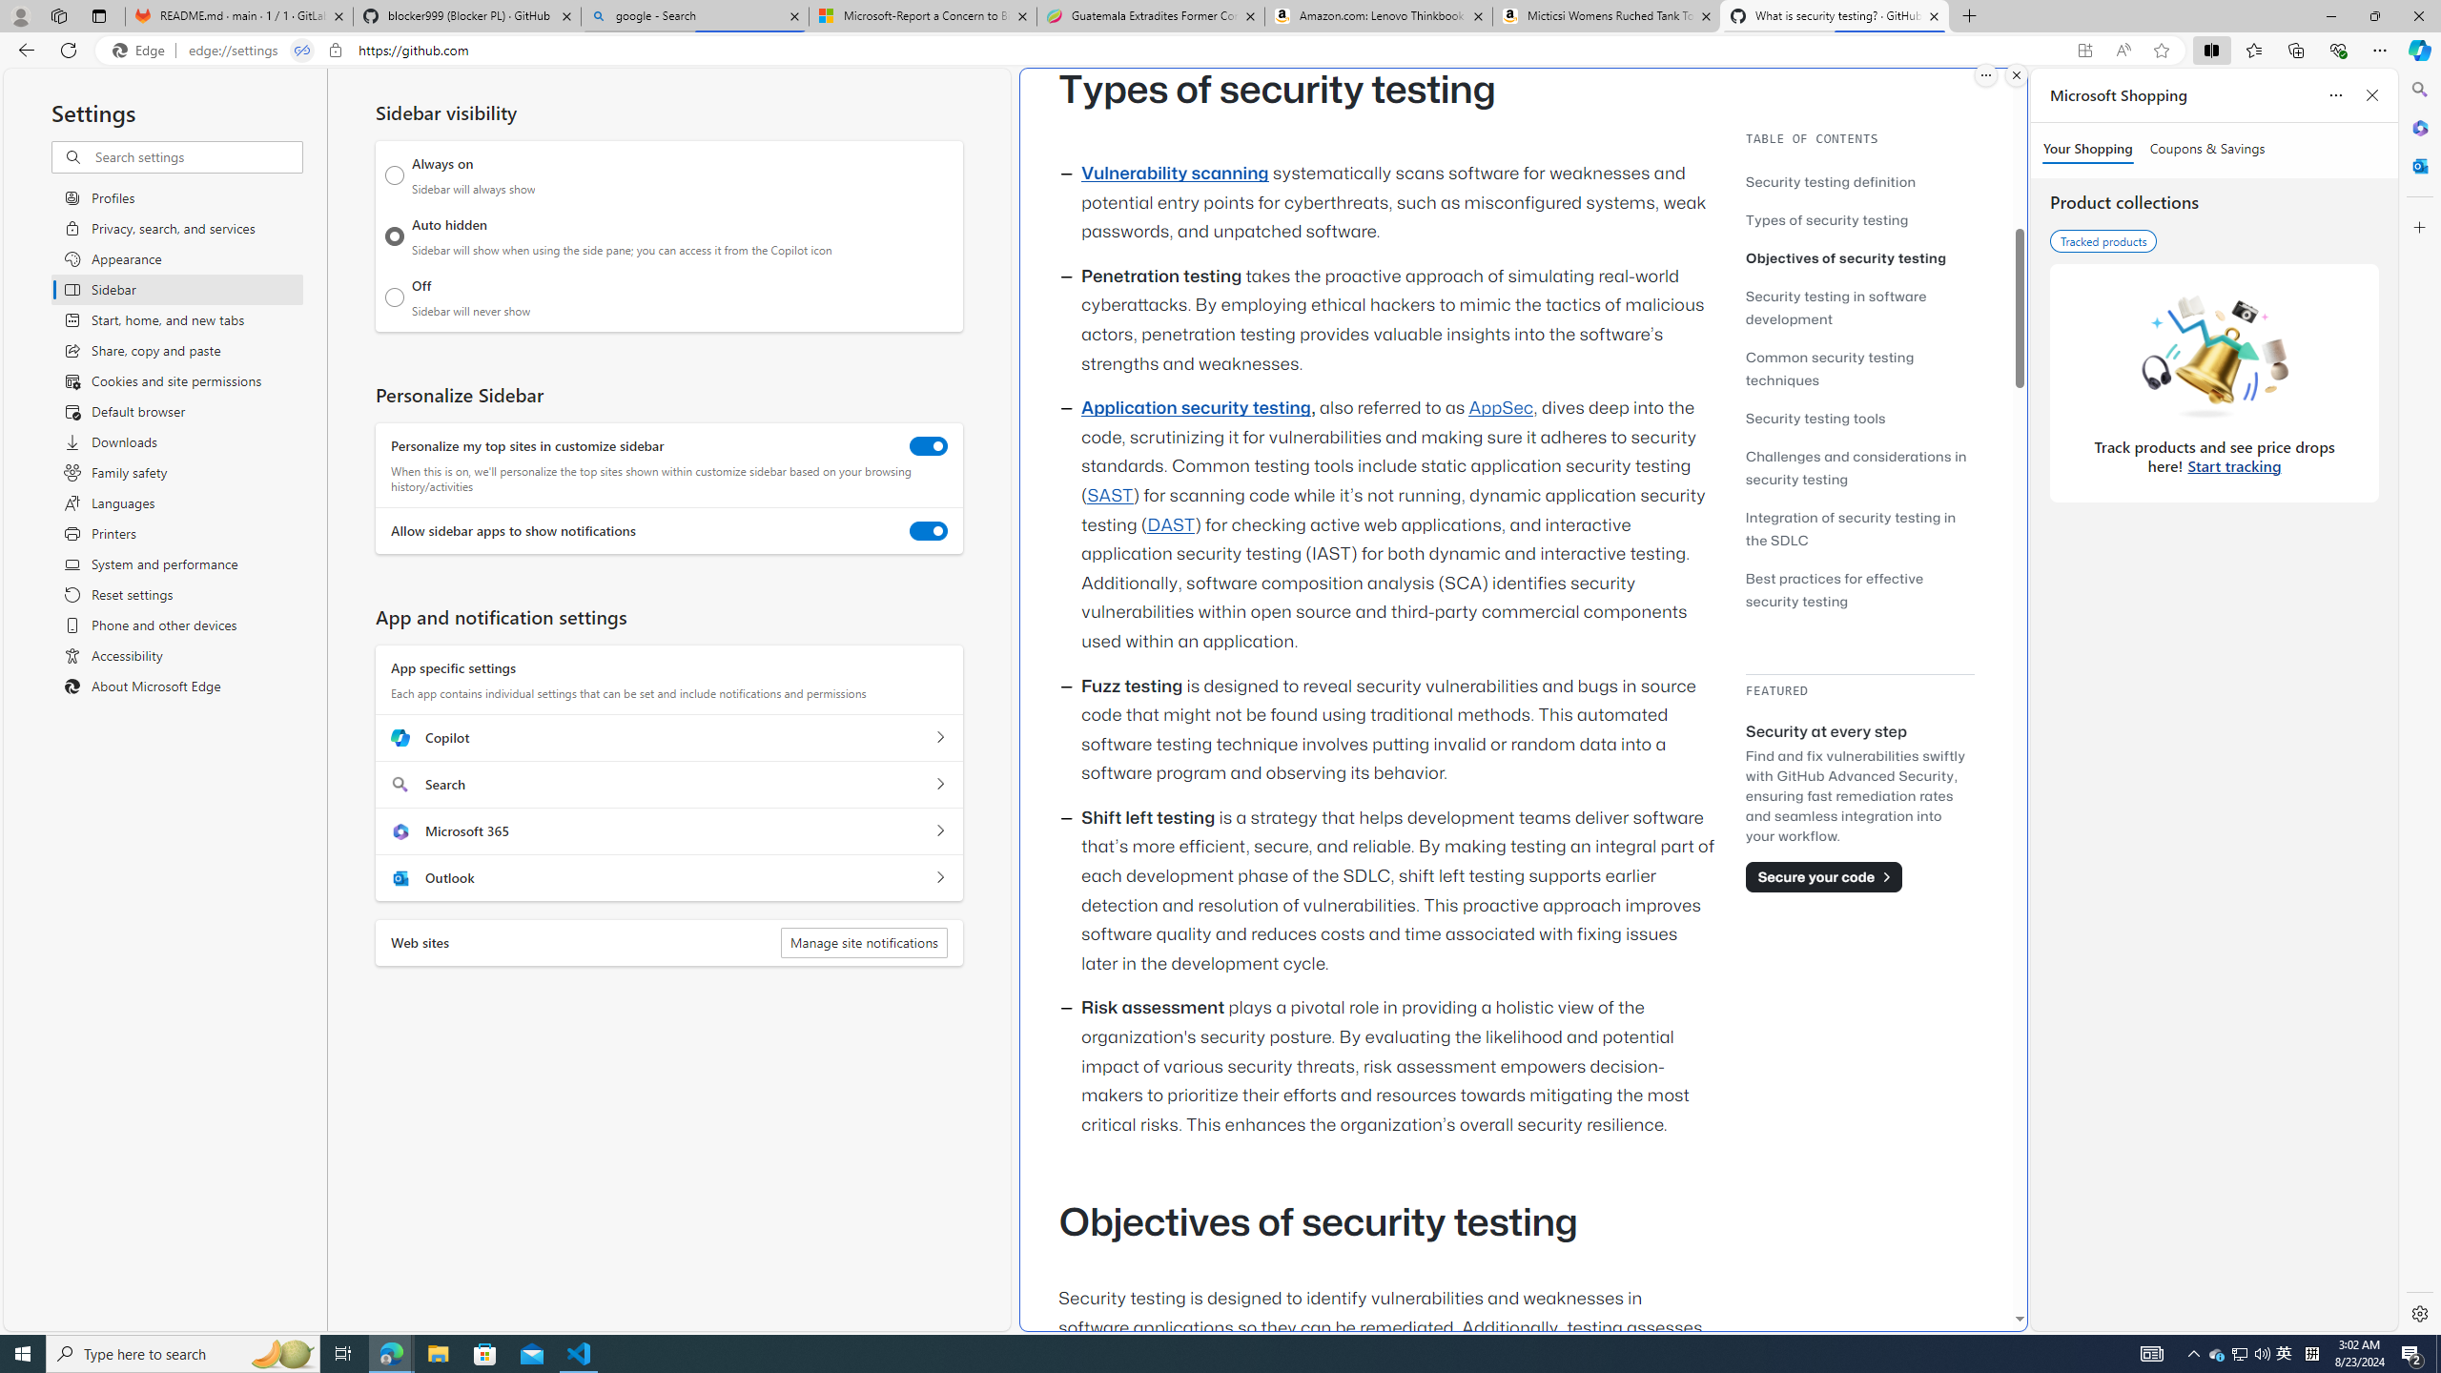 This screenshot has width=2441, height=1373. Describe the element at coordinates (1826, 218) in the screenshot. I see `'Types of security testing'` at that location.